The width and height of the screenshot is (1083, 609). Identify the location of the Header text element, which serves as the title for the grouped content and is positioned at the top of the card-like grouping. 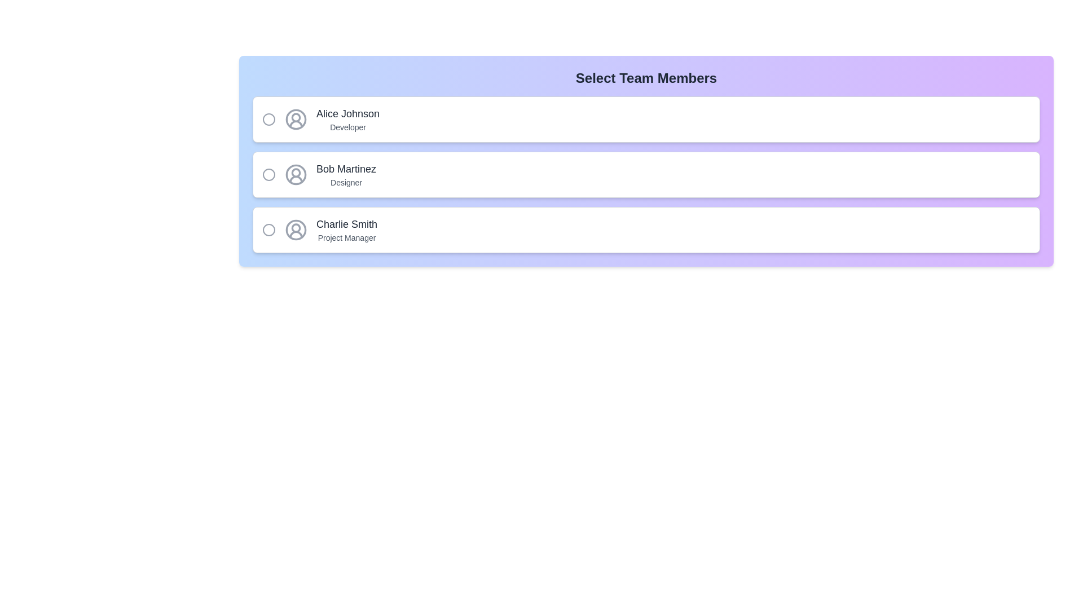
(646, 77).